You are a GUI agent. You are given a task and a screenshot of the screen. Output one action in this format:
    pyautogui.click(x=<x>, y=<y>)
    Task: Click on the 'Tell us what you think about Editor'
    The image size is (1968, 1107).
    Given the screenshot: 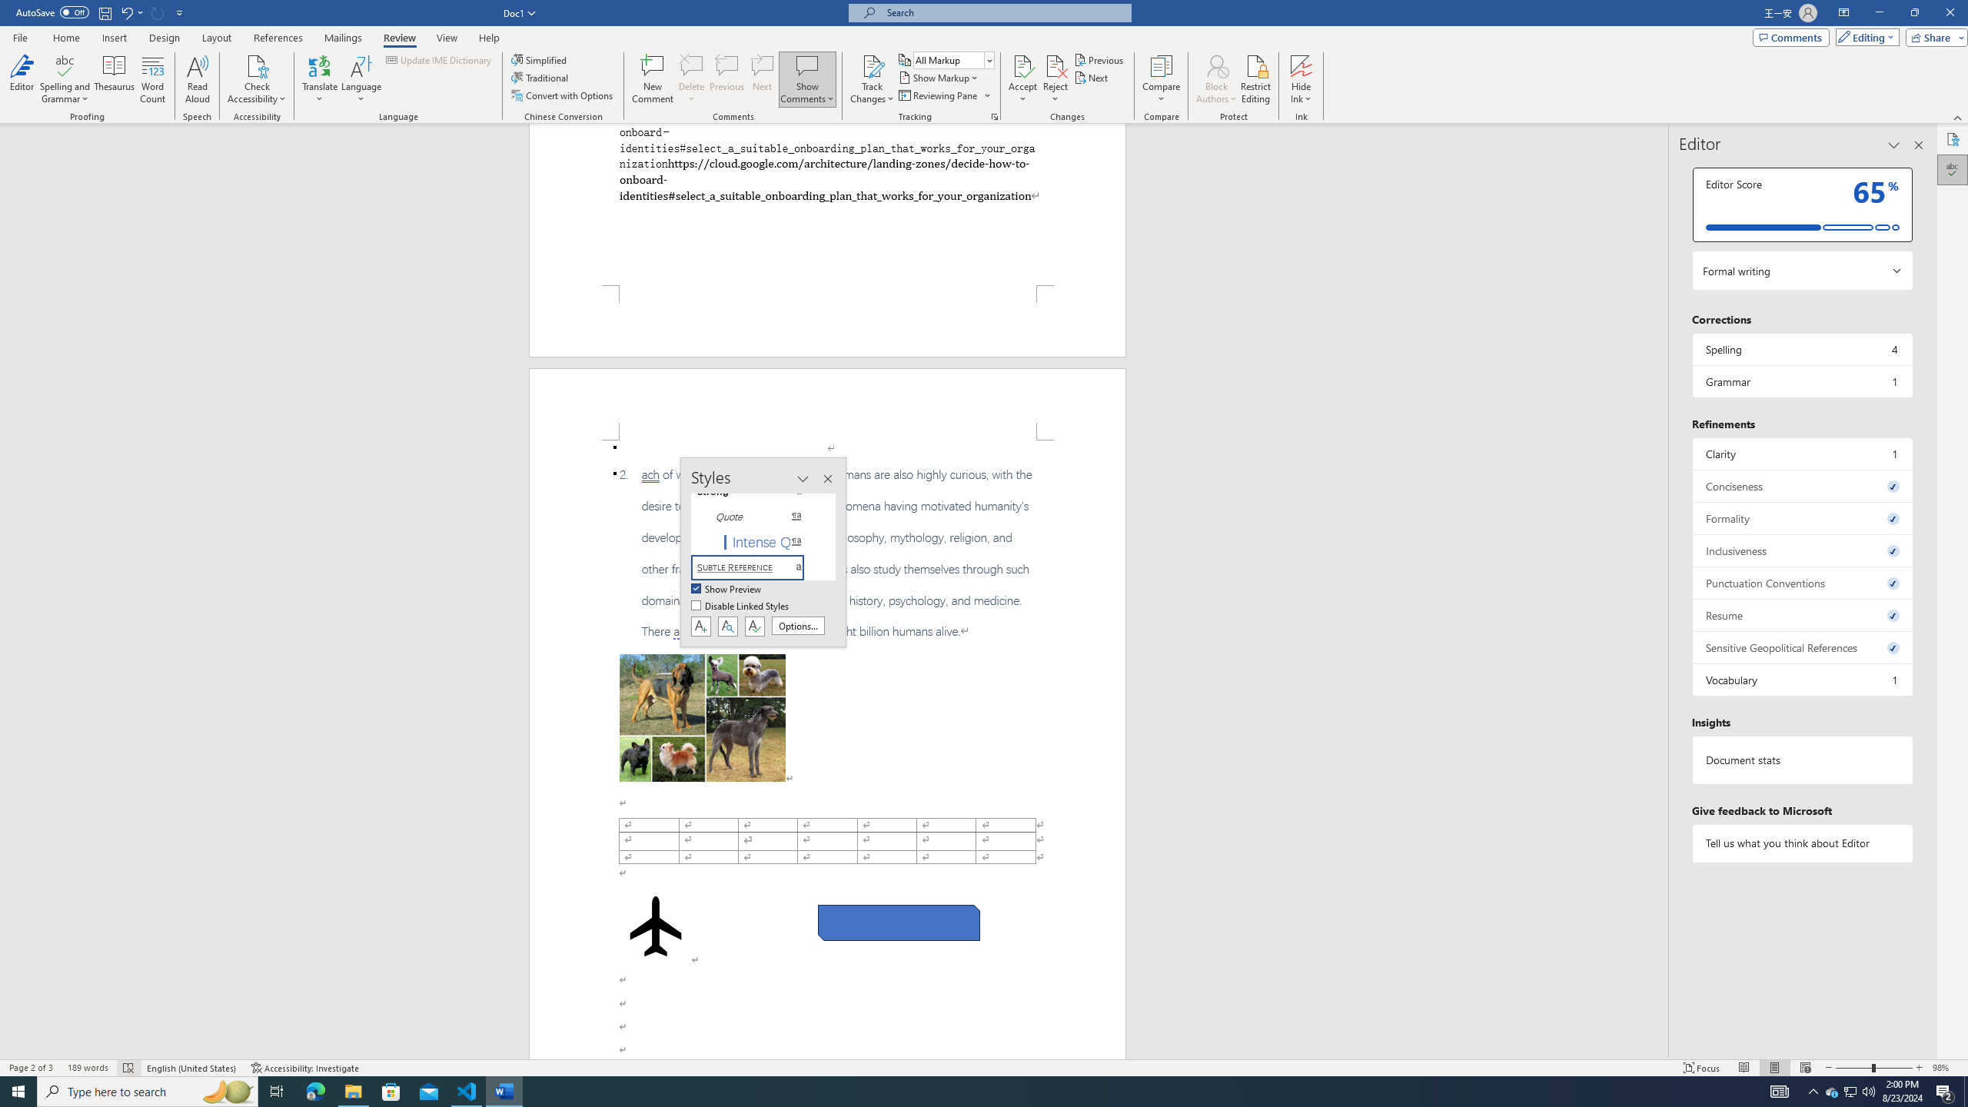 What is the action you would take?
    pyautogui.click(x=1801, y=843)
    